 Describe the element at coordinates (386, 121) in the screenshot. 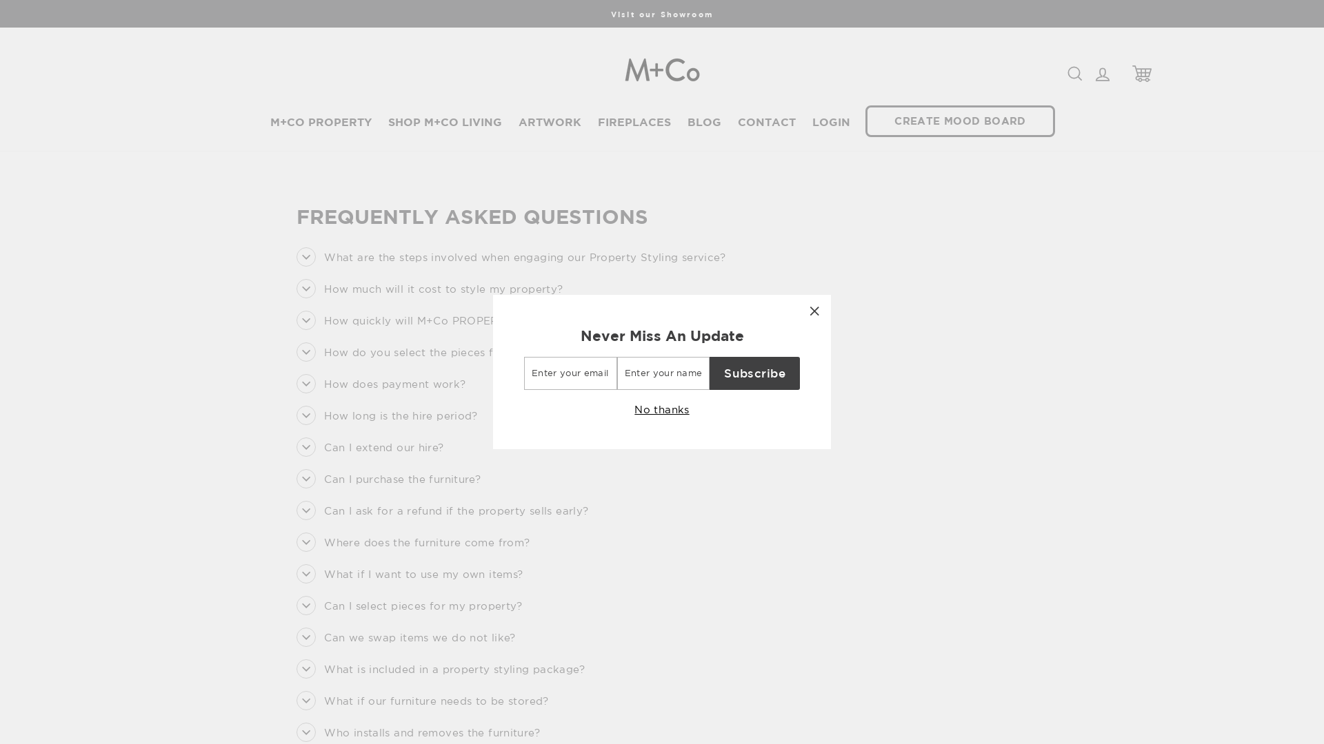

I see `'SHOP M+CO LIVING'` at that location.